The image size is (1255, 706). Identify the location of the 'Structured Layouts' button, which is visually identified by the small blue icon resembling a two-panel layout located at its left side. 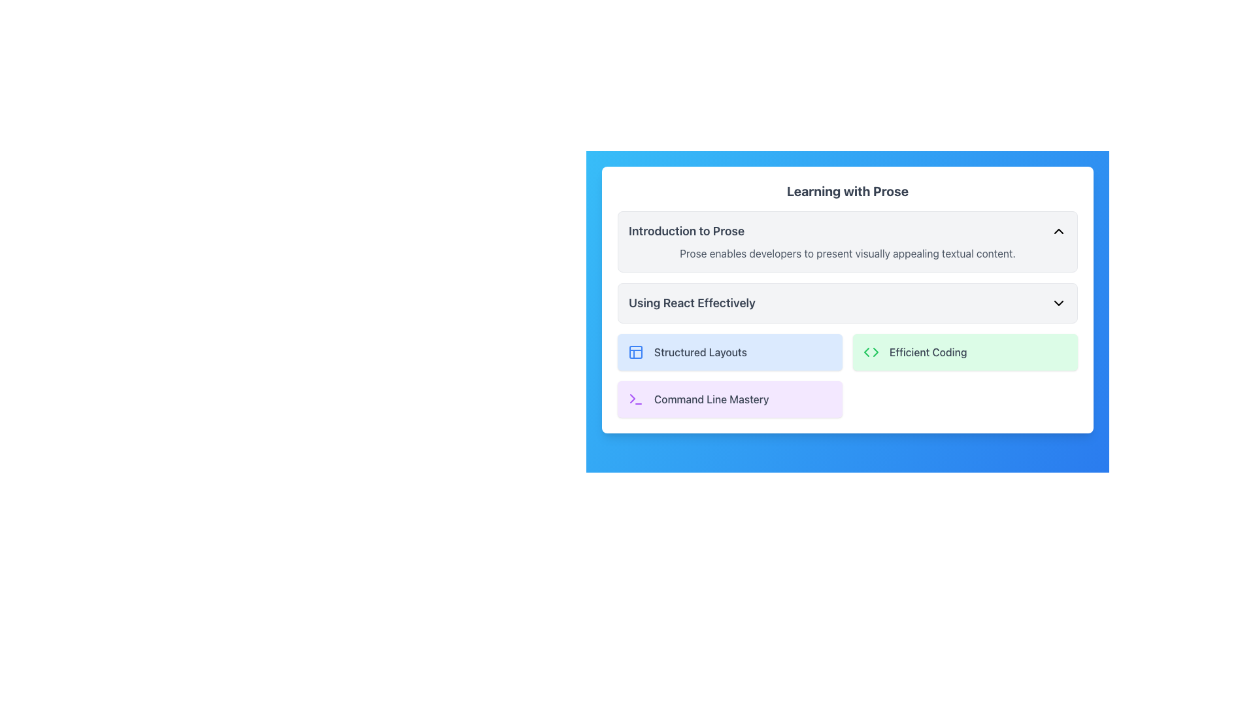
(636, 352).